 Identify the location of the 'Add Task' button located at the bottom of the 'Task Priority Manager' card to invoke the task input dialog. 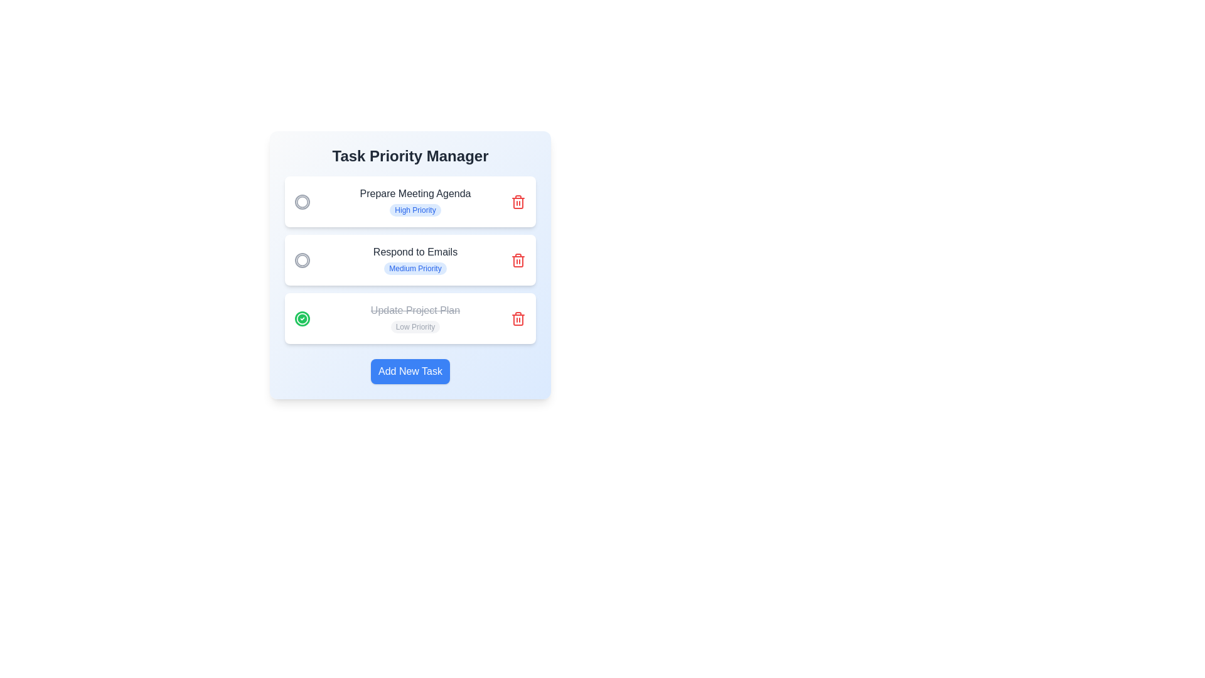
(410, 370).